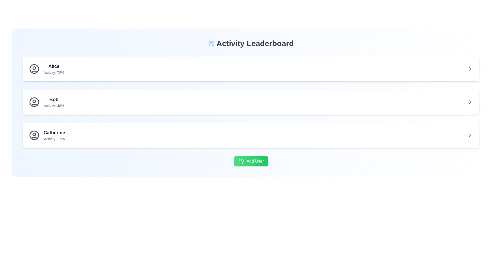 The width and height of the screenshot is (498, 280). What do you see at coordinates (34, 69) in the screenshot?
I see `the circular SVG shape representing the boundary of Alice's profile icon in the leaderboard` at bounding box center [34, 69].